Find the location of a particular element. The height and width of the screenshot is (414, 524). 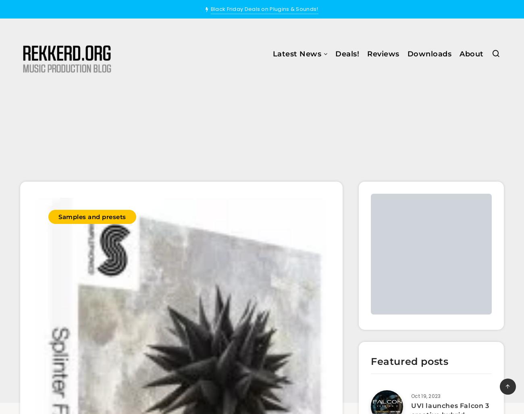

'All News' is located at coordinates (236, 77).